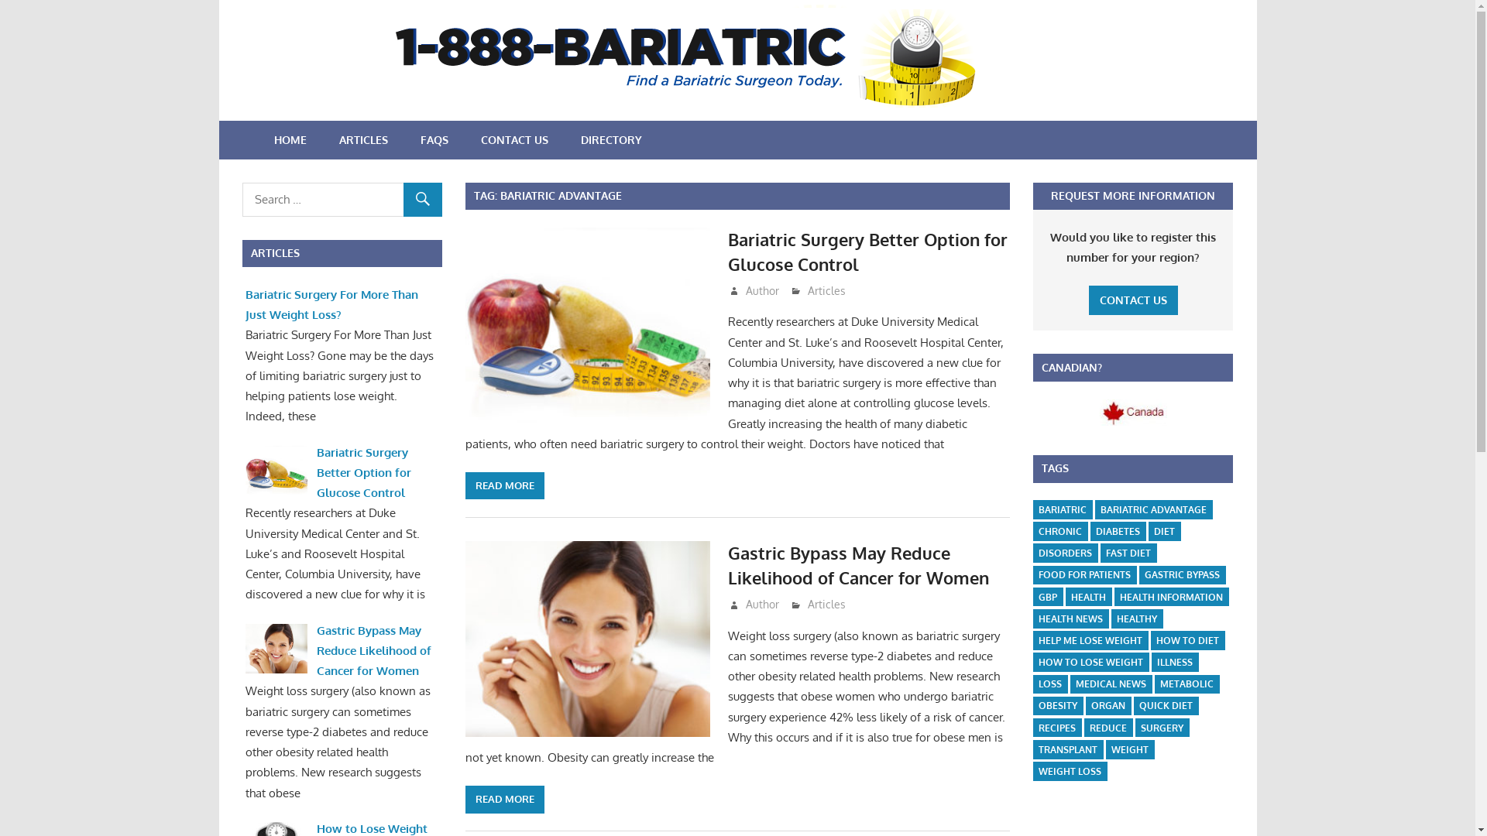 The height and width of the screenshot is (836, 1487). I want to click on 'READ MORE', so click(464, 800).